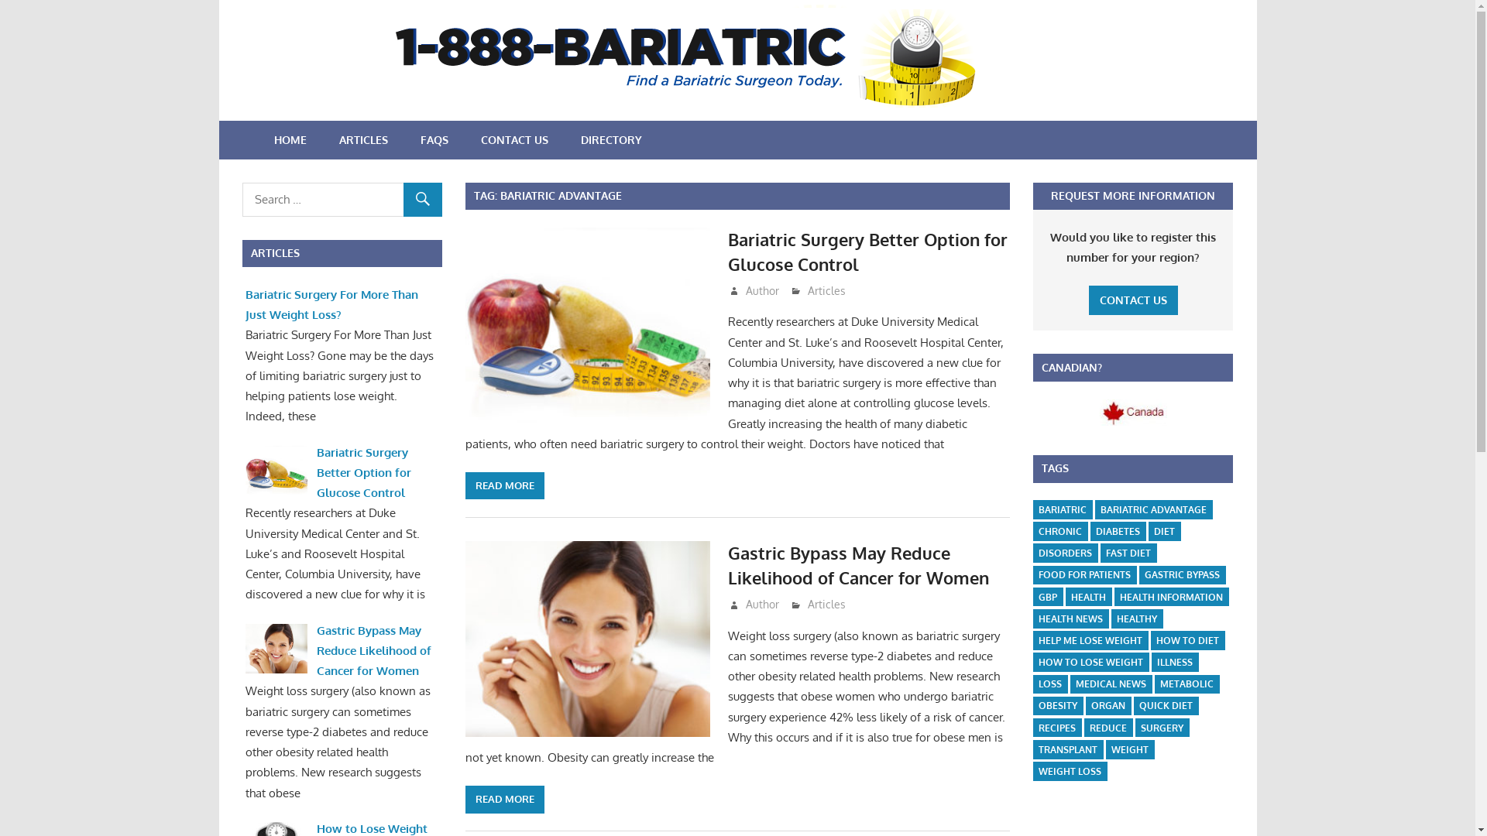 The height and width of the screenshot is (836, 1487). I want to click on 'READ MORE', so click(464, 800).